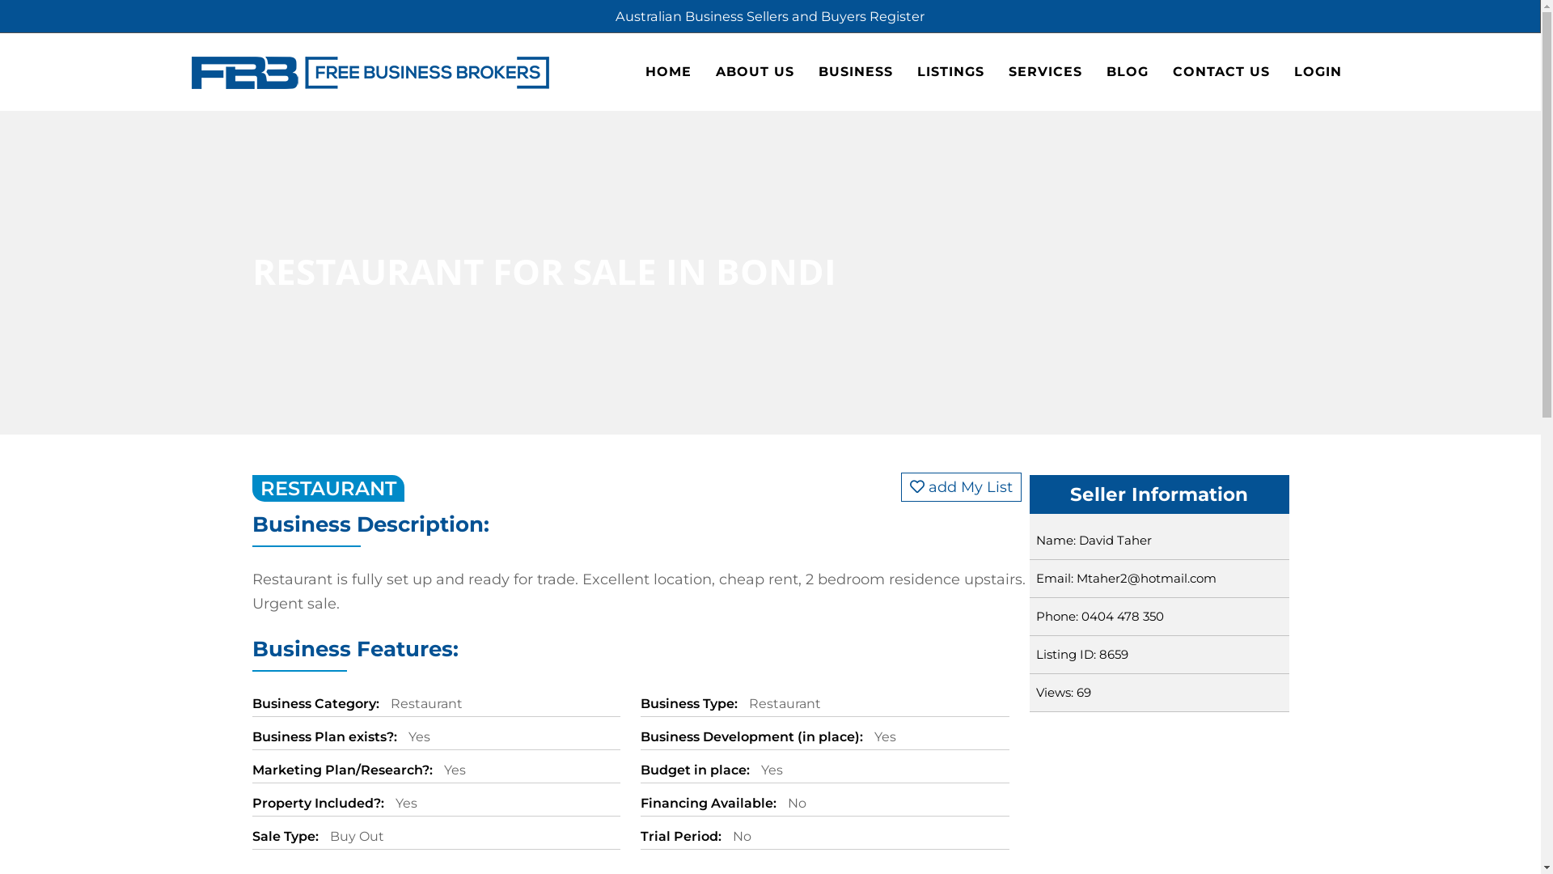 This screenshot has width=1553, height=874. Describe the element at coordinates (961, 486) in the screenshot. I see `'add My List'` at that location.